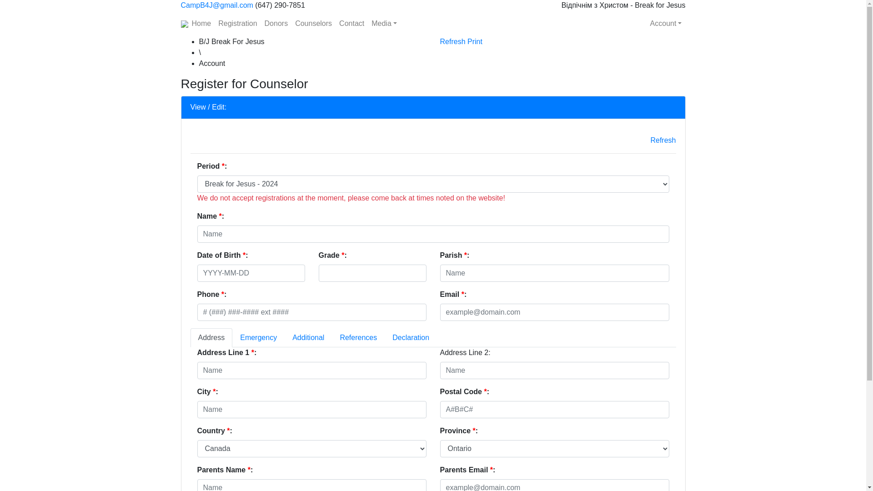  What do you see at coordinates (201, 23) in the screenshot?
I see `'Home'` at bounding box center [201, 23].